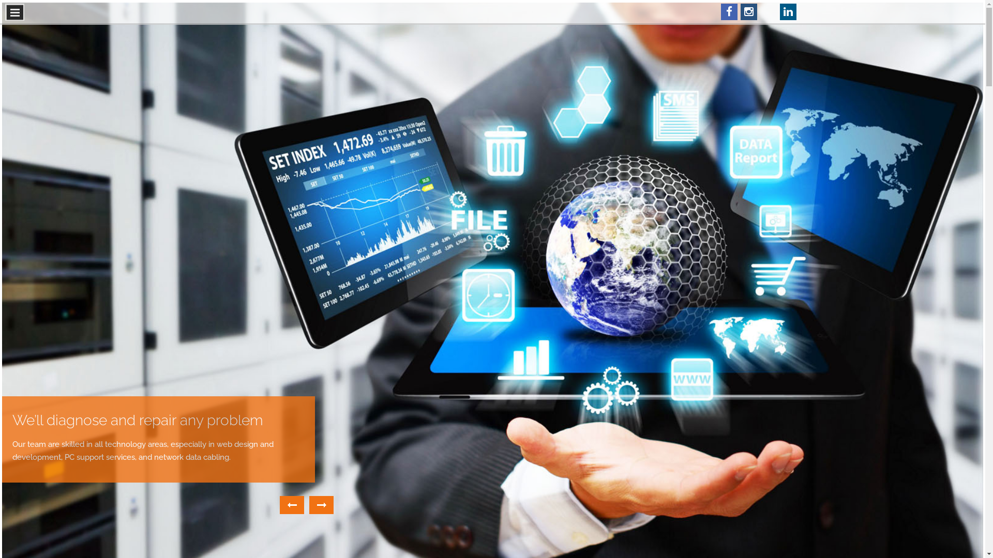 This screenshot has height=558, width=993. What do you see at coordinates (769, 12) in the screenshot?
I see `'Aero Admin'` at bounding box center [769, 12].